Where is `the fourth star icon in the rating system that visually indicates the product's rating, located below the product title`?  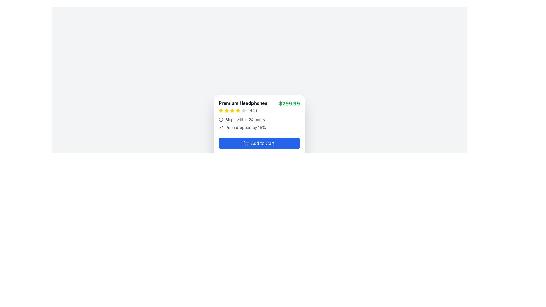 the fourth star icon in the rating system that visually indicates the product's rating, located below the product title is located at coordinates (232, 111).